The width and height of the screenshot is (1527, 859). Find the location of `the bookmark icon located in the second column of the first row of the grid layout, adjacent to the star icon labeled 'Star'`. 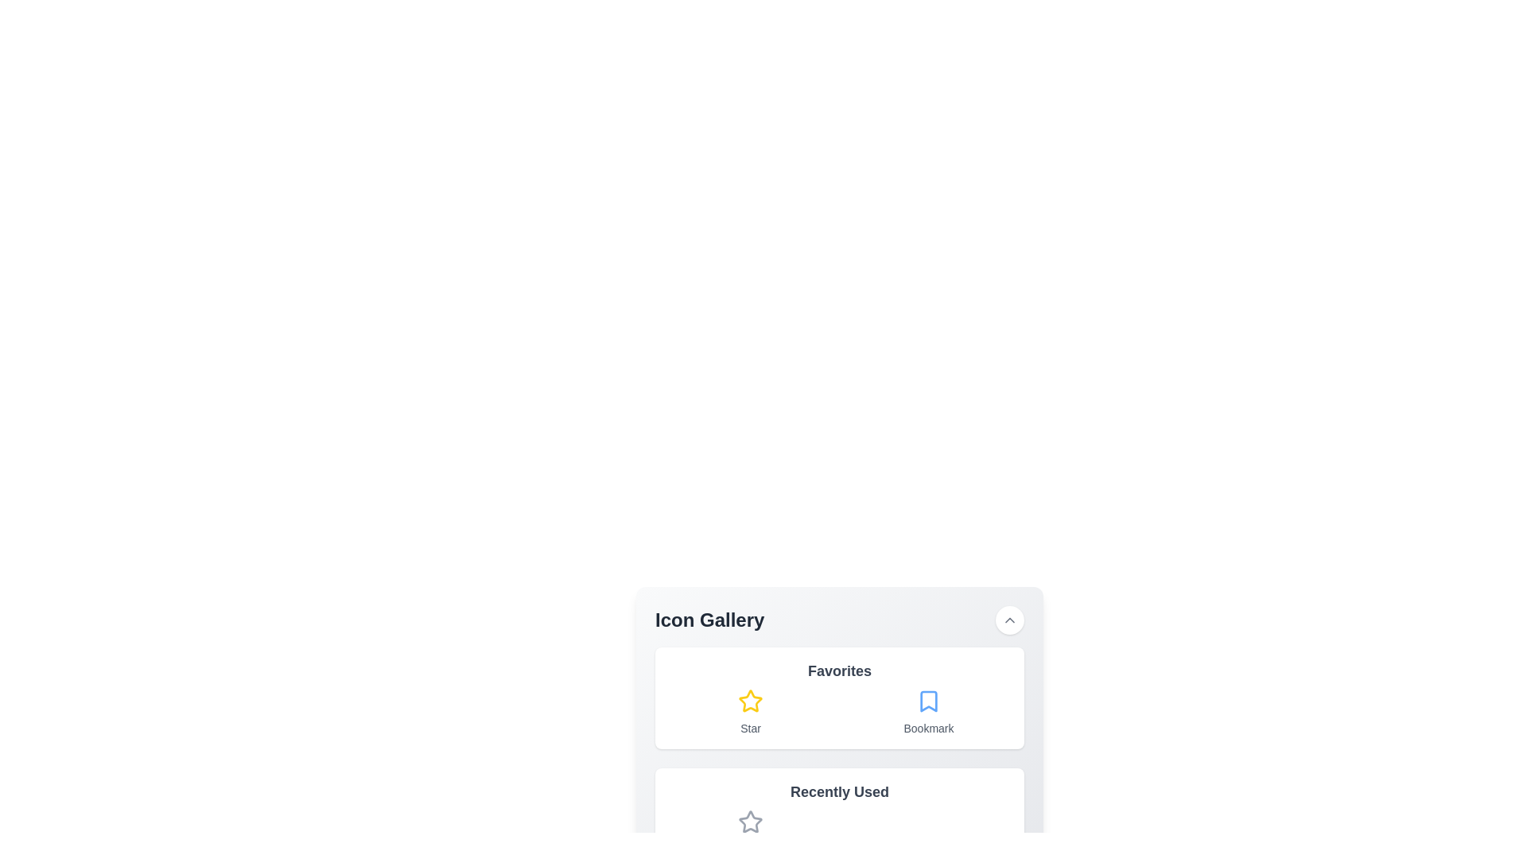

the bookmark icon located in the second column of the first row of the grid layout, adjacent to the star icon labeled 'Star' is located at coordinates (928, 711).